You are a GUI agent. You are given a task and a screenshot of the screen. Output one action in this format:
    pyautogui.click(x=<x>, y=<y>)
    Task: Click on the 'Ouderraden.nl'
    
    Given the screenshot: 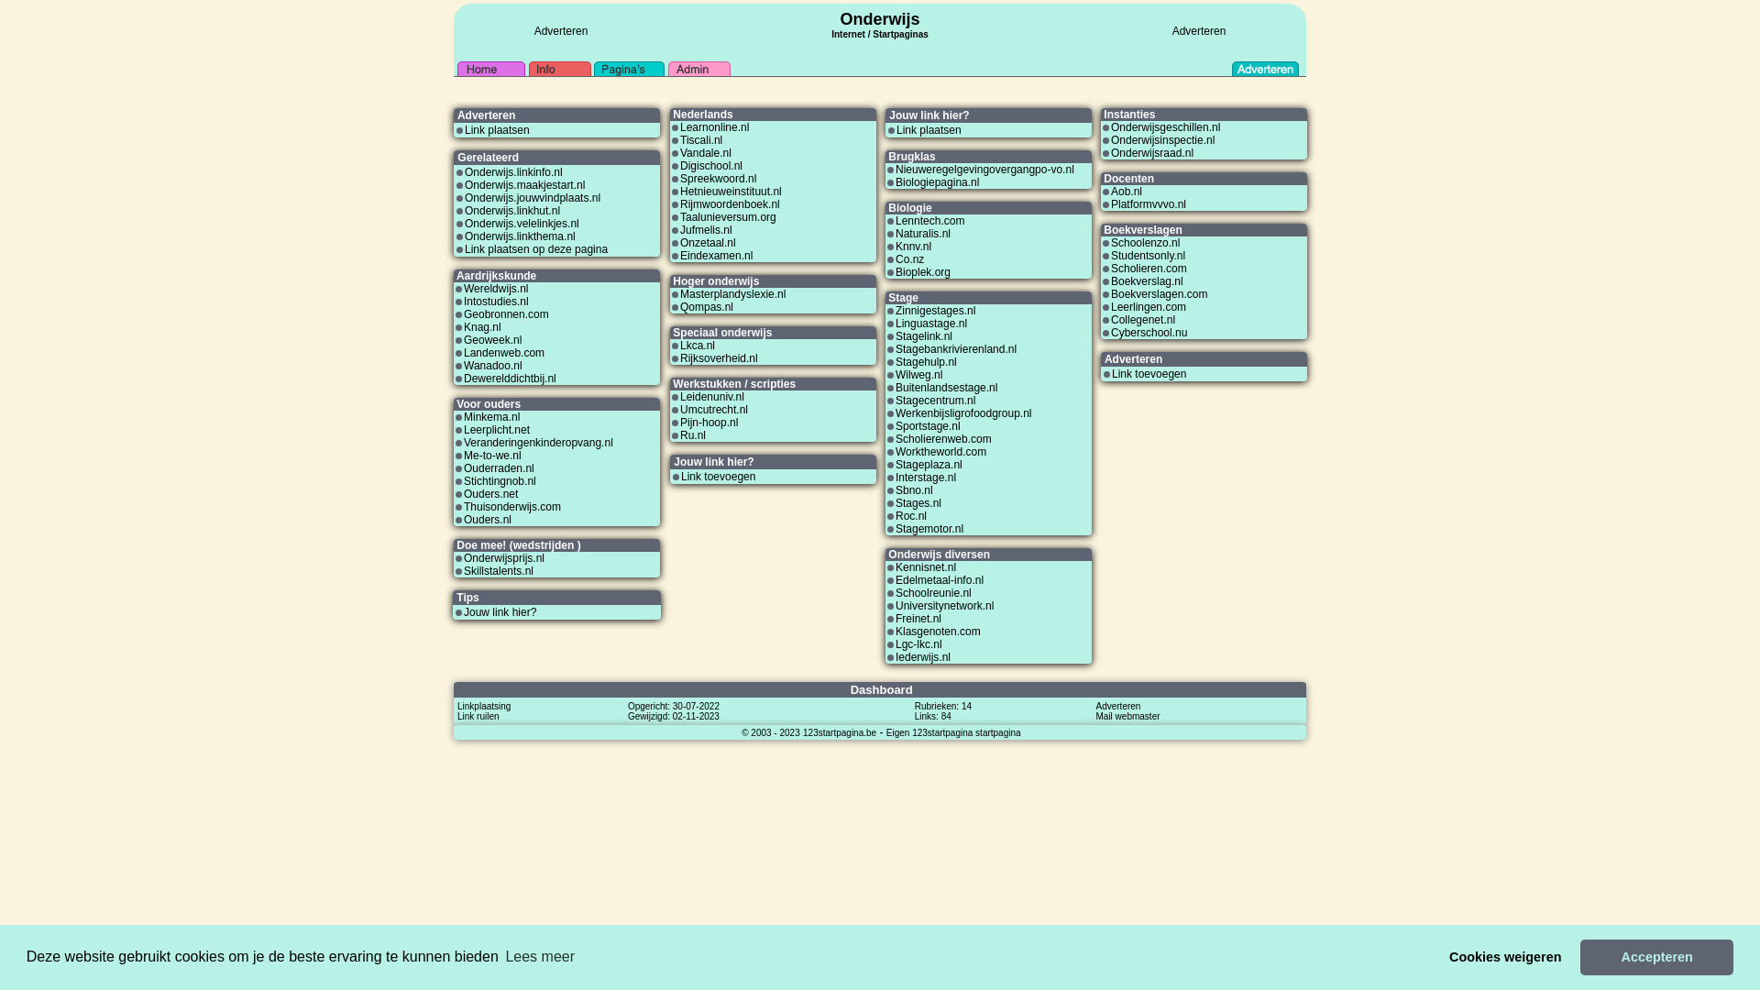 What is the action you would take?
    pyautogui.click(x=463, y=467)
    